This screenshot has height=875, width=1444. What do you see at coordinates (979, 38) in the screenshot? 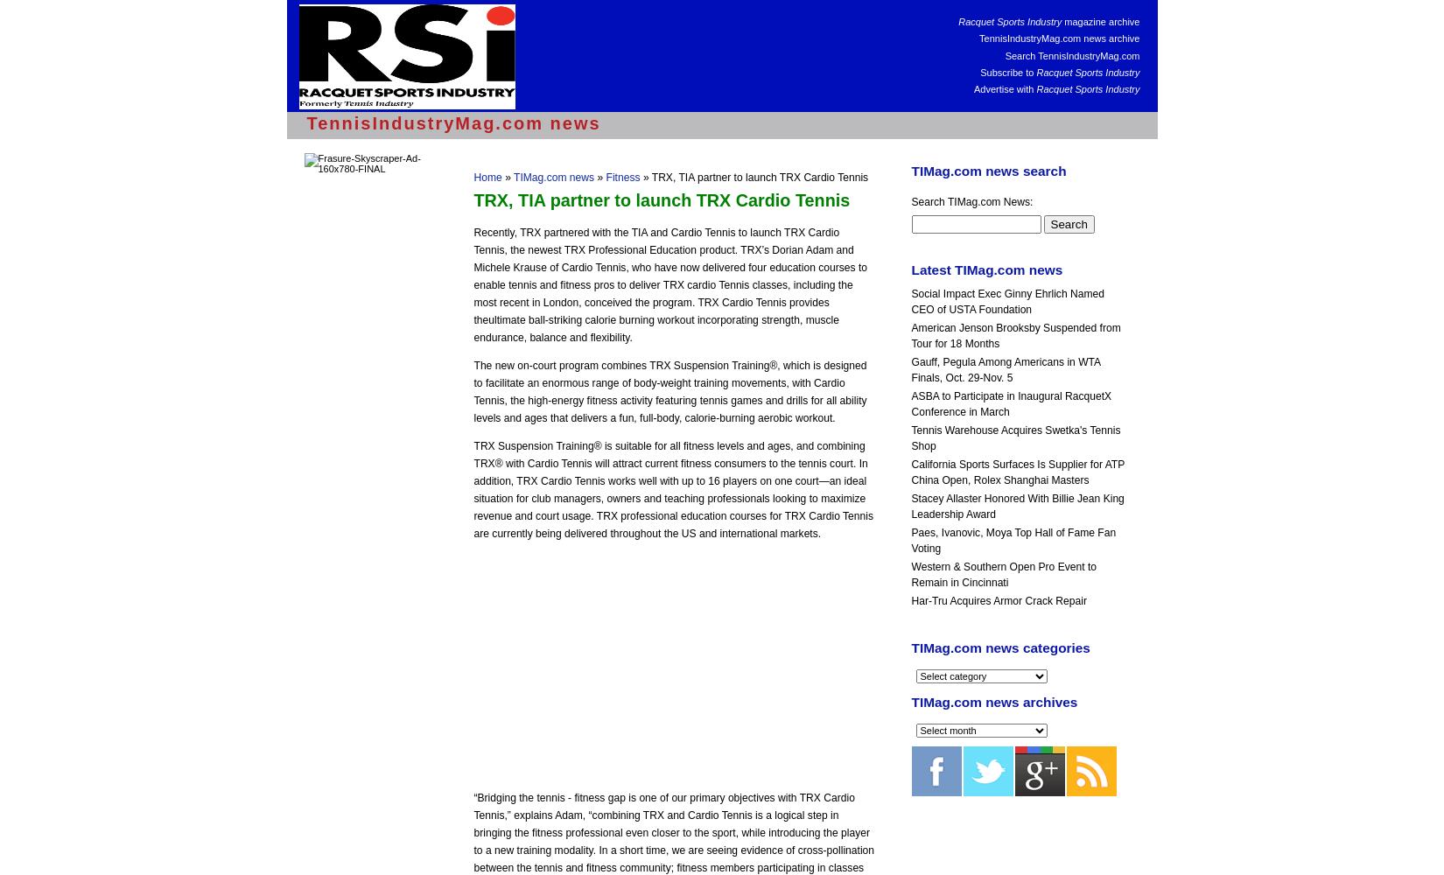
I see `'TennisIndustryMag.com news archive'` at bounding box center [979, 38].